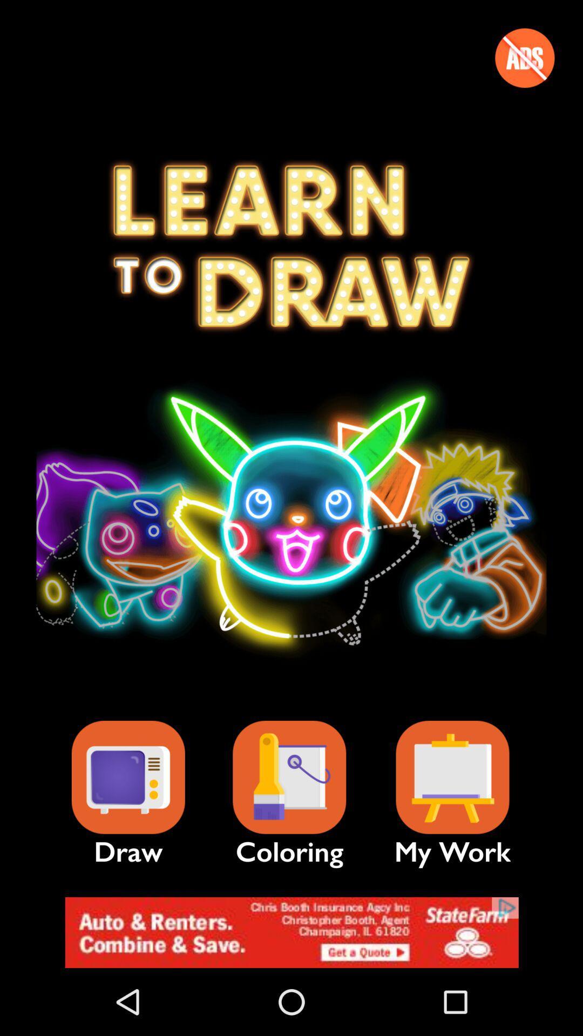 The image size is (583, 1036). What do you see at coordinates (127, 778) in the screenshot?
I see `draw` at bounding box center [127, 778].